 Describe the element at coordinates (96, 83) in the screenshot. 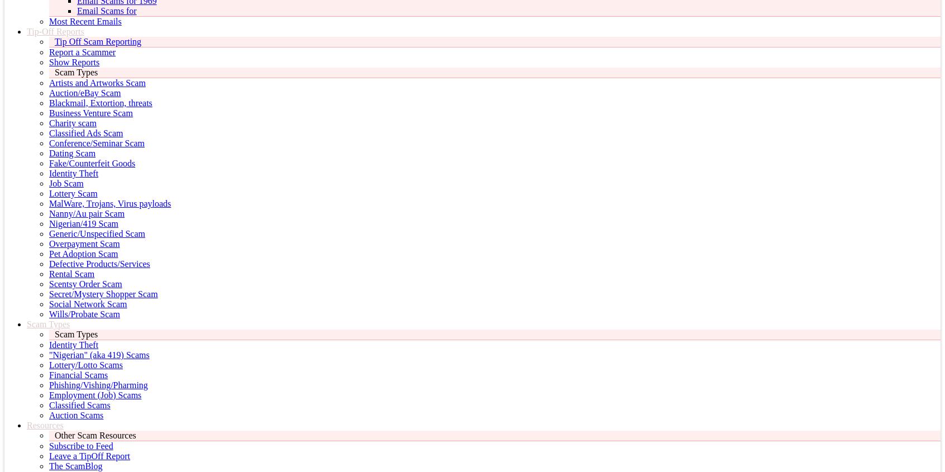

I see `'Artists and Artworks Scam'` at that location.